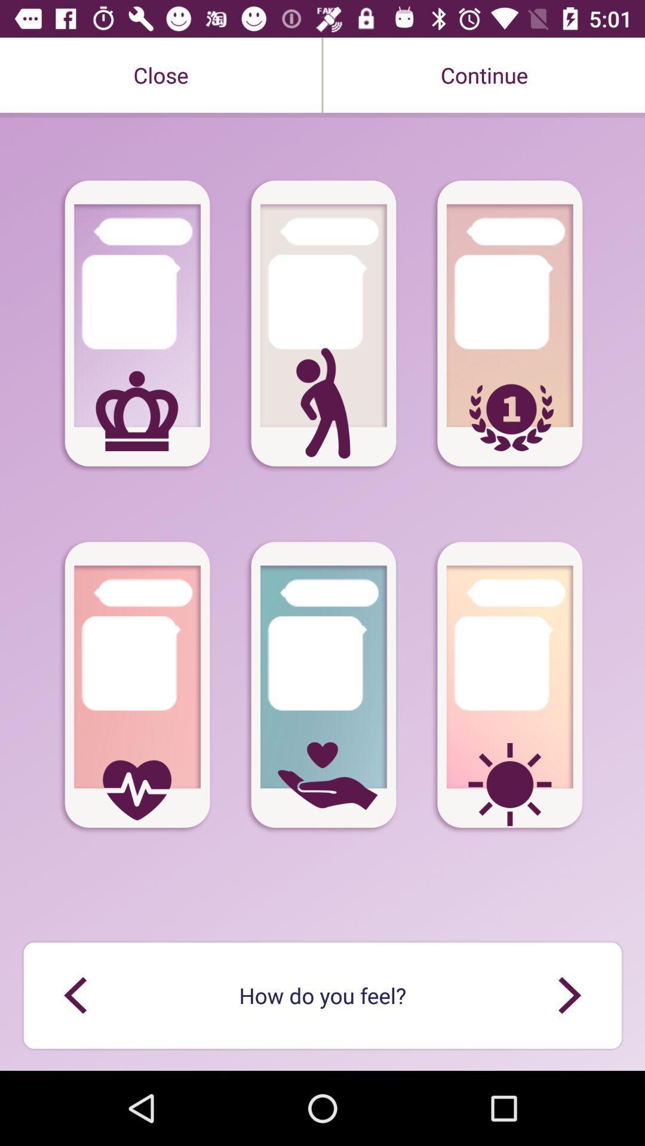 The width and height of the screenshot is (645, 1146). Describe the element at coordinates (75, 995) in the screenshot. I see `go previous page` at that location.